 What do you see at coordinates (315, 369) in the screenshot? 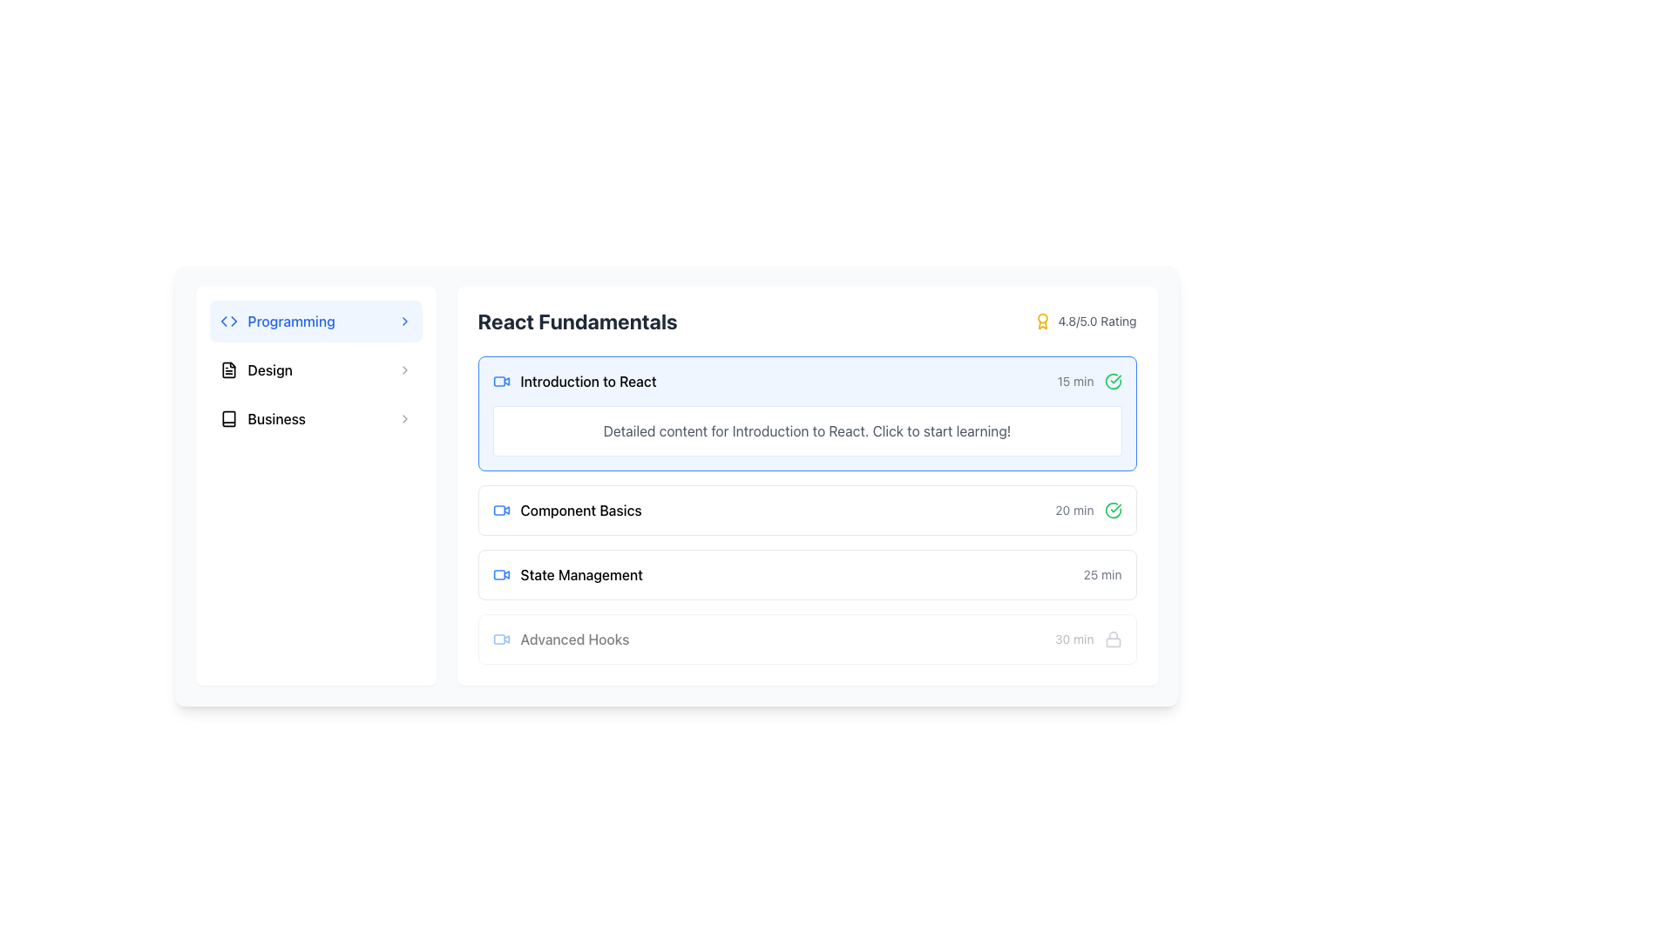
I see `the 'Design' button, which is the second item in the vertical navigation menu` at bounding box center [315, 369].